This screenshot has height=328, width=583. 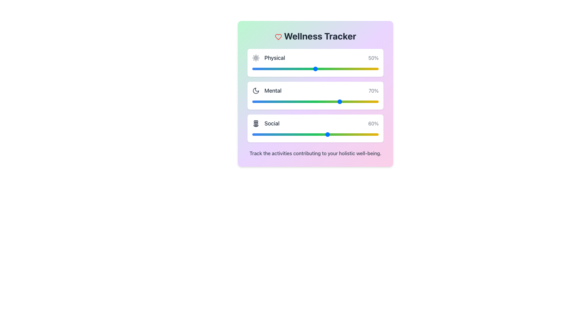 What do you see at coordinates (373, 91) in the screenshot?
I see `the static text element displaying the current progress of the 'Mental' category in the 'Wellness Tracker' interface, located at the far right of its row` at bounding box center [373, 91].